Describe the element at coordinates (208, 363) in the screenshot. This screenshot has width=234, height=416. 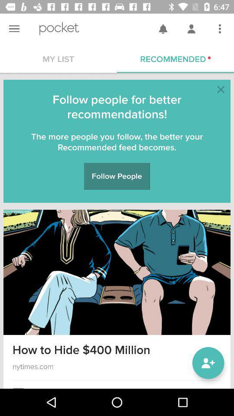
I see `the follow icon` at that location.